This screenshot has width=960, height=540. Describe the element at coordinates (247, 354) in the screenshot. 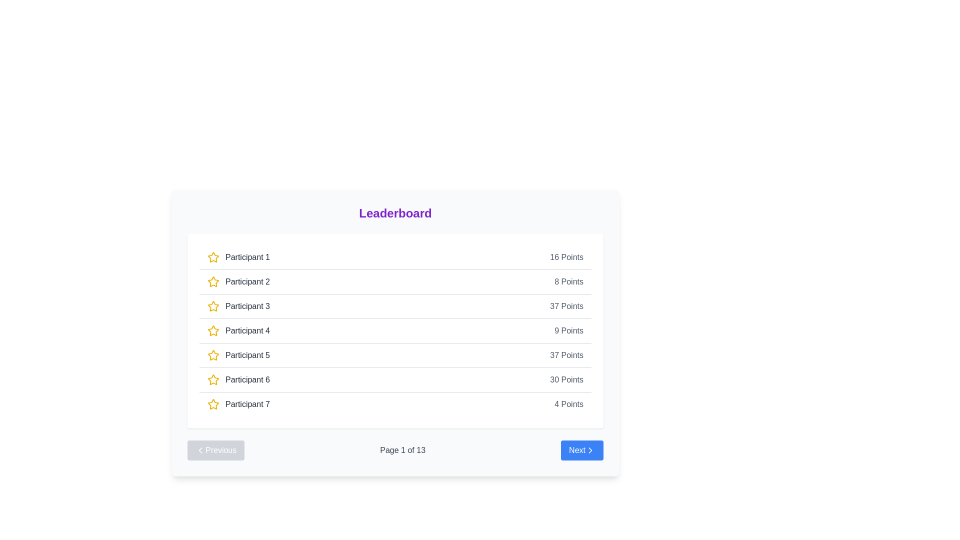

I see `the text label 'Participant 5' to trigger the tooltip display, which is located next to the yellow star icon in the fifth row of the leaderboard` at that location.